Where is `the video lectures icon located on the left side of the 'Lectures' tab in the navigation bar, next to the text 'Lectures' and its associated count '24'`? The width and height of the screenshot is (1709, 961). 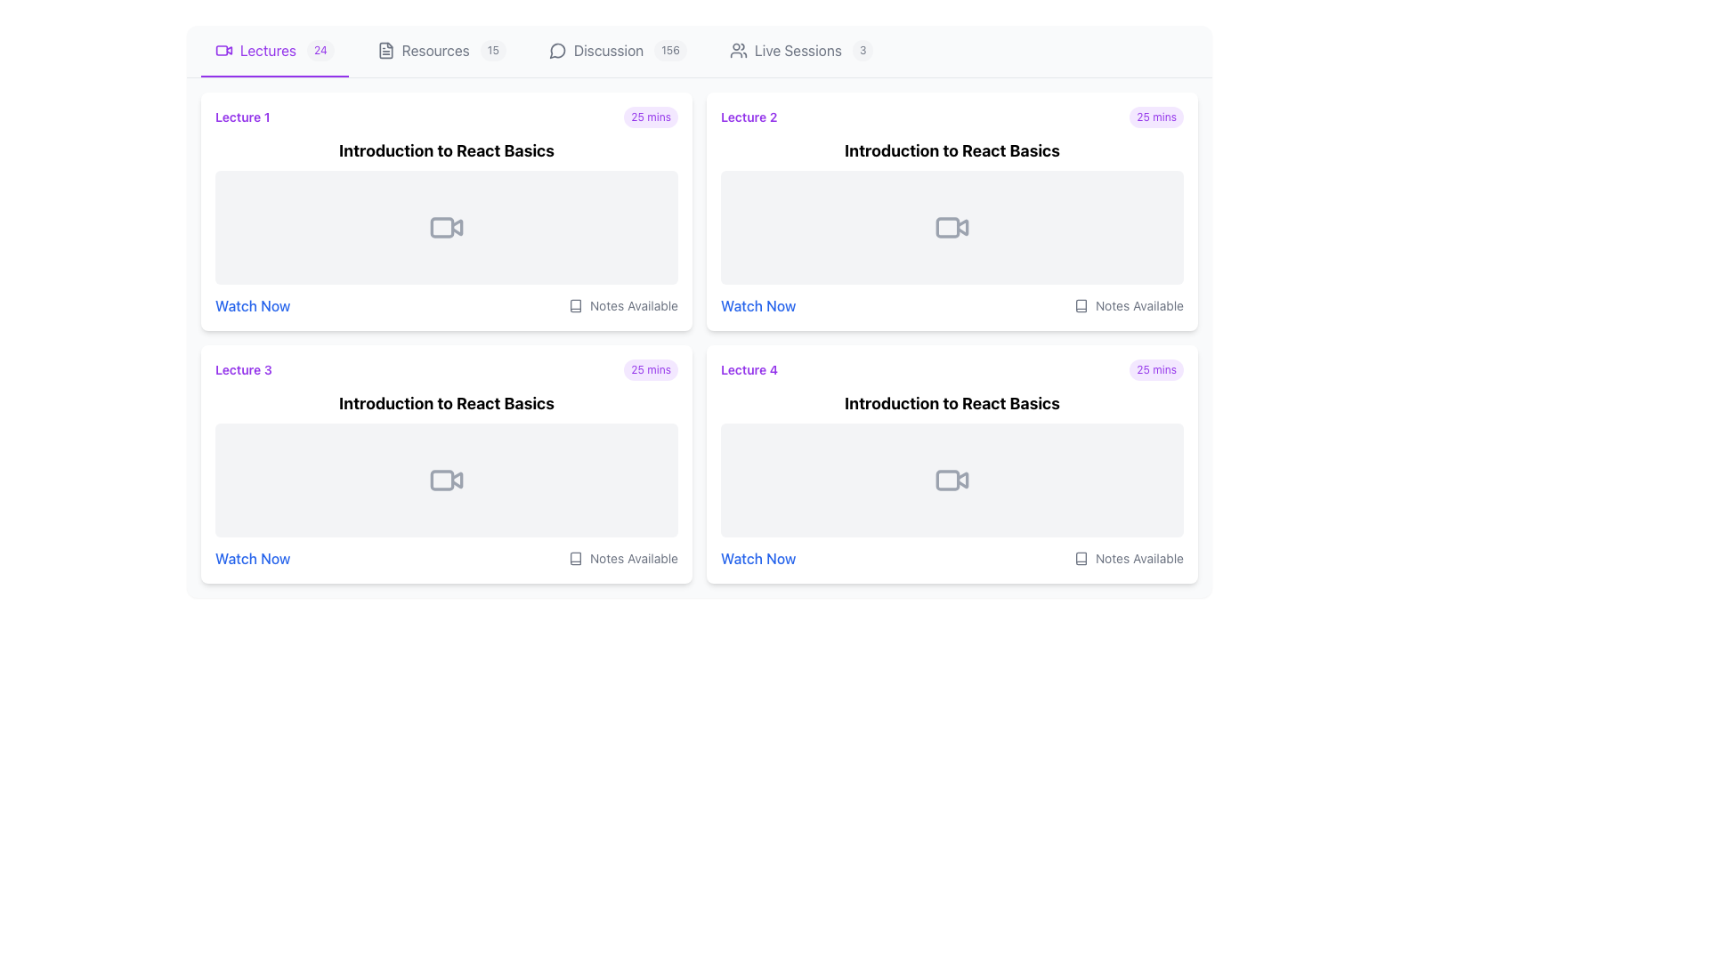
the video lectures icon located on the left side of the 'Lectures' tab in the navigation bar, next to the text 'Lectures' and its associated count '24' is located at coordinates (223, 50).